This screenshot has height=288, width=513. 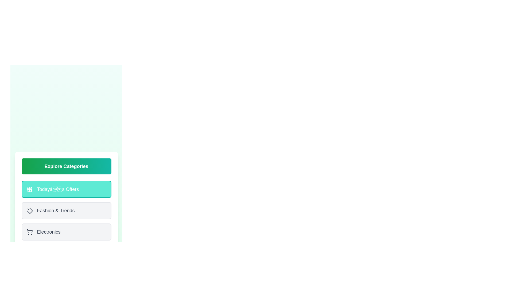 I want to click on the tile corresponding to the category Fashion & Trends to select it, so click(x=66, y=210).